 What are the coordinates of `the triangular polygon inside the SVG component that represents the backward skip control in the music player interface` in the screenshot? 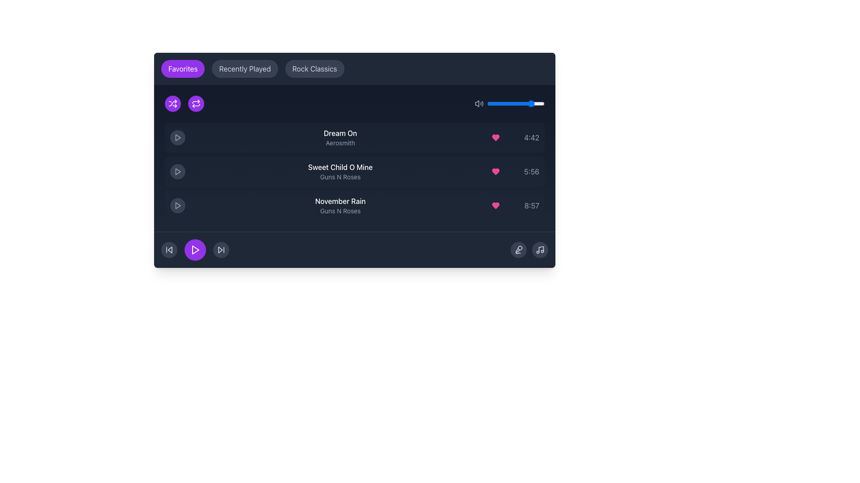 It's located at (170, 250).